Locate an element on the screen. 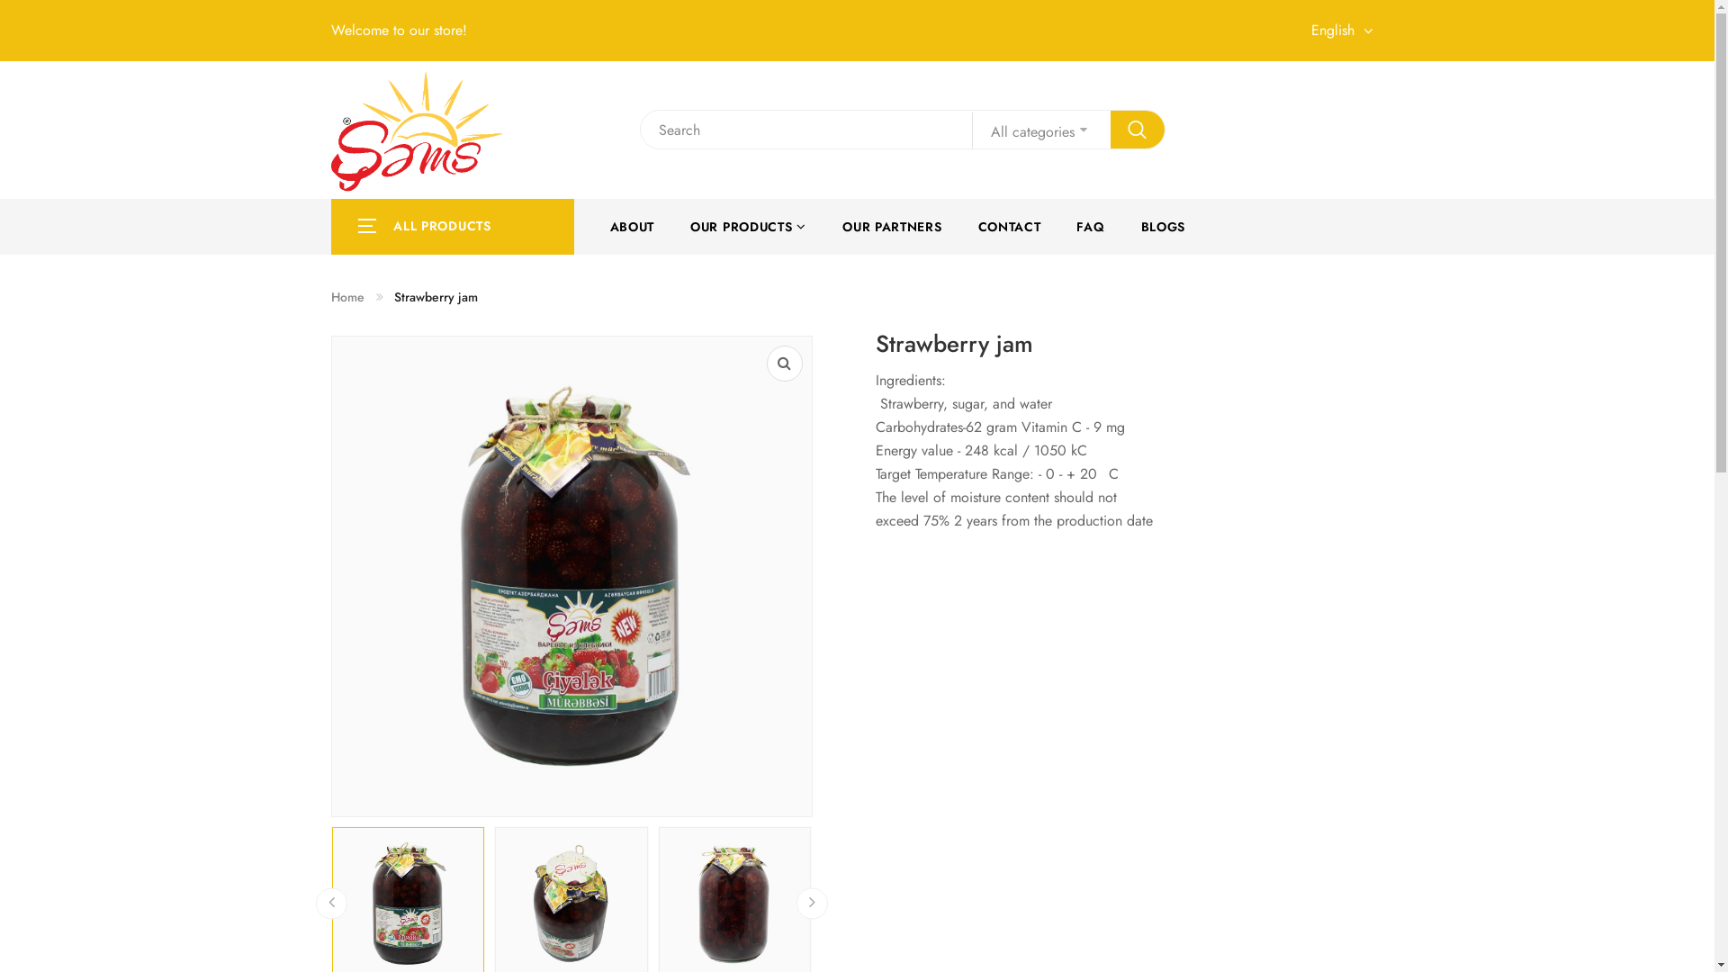 The image size is (1728, 972). 'FAQ' is located at coordinates (1089, 225).